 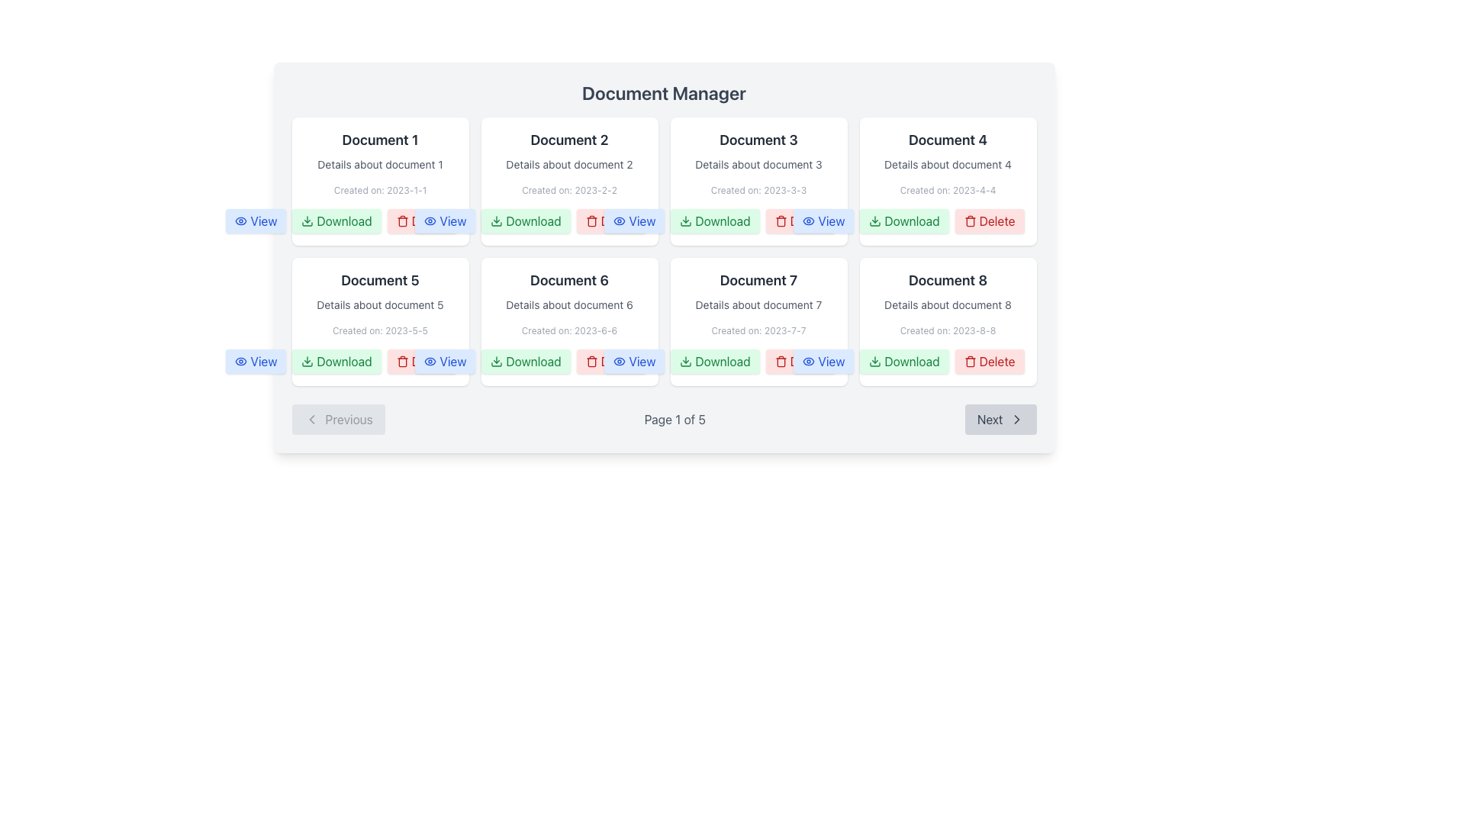 What do you see at coordinates (758, 330) in the screenshot?
I see `the creation date text element located at the bottom of the card labeled 'Document 7' in the 'Document Manager' interface` at bounding box center [758, 330].